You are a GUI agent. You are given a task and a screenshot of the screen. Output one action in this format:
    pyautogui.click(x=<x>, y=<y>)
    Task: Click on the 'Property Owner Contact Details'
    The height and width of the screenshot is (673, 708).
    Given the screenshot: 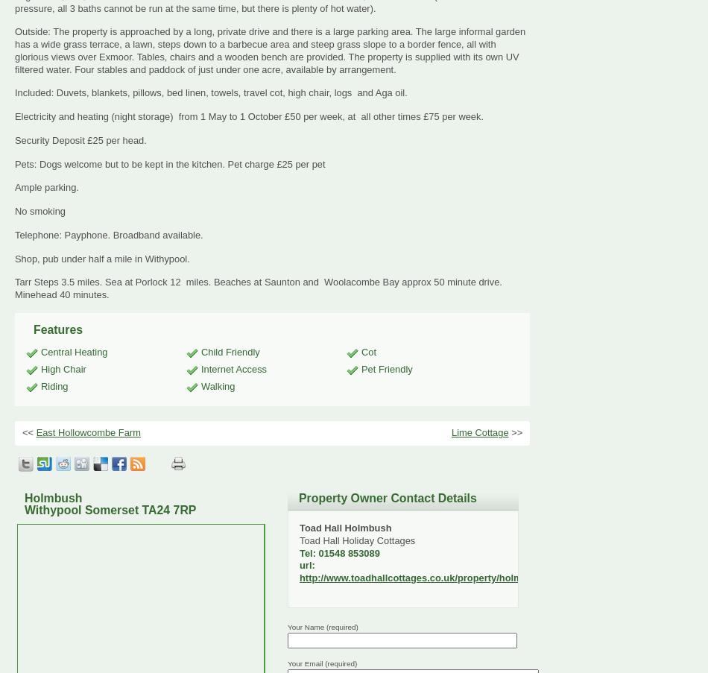 What is the action you would take?
    pyautogui.click(x=388, y=497)
    